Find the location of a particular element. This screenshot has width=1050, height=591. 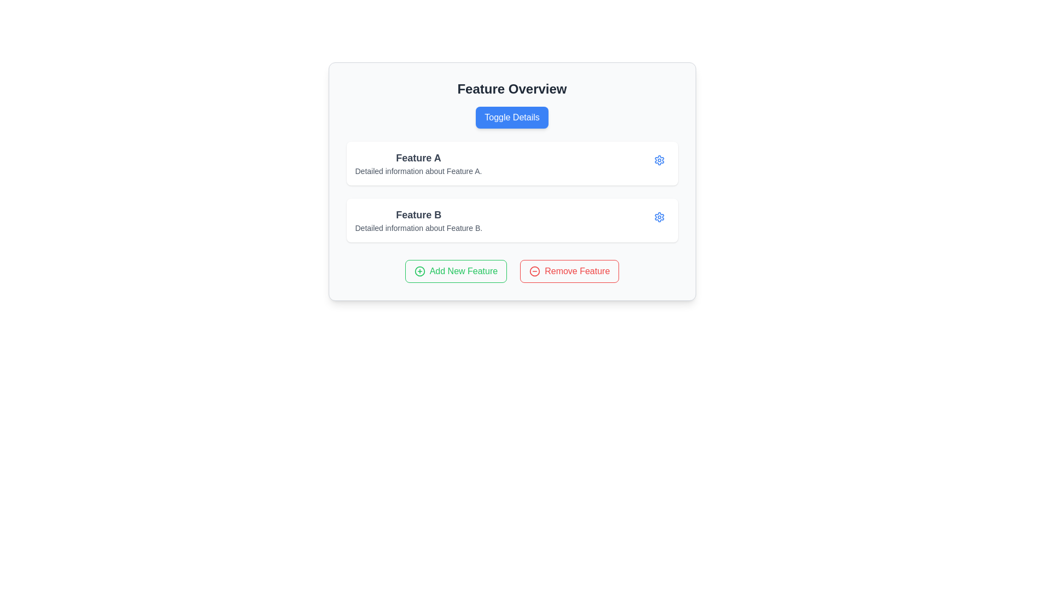

the second button at the bottom of the interface, located to the right of the 'Add New Feature' button is located at coordinates (569, 271).